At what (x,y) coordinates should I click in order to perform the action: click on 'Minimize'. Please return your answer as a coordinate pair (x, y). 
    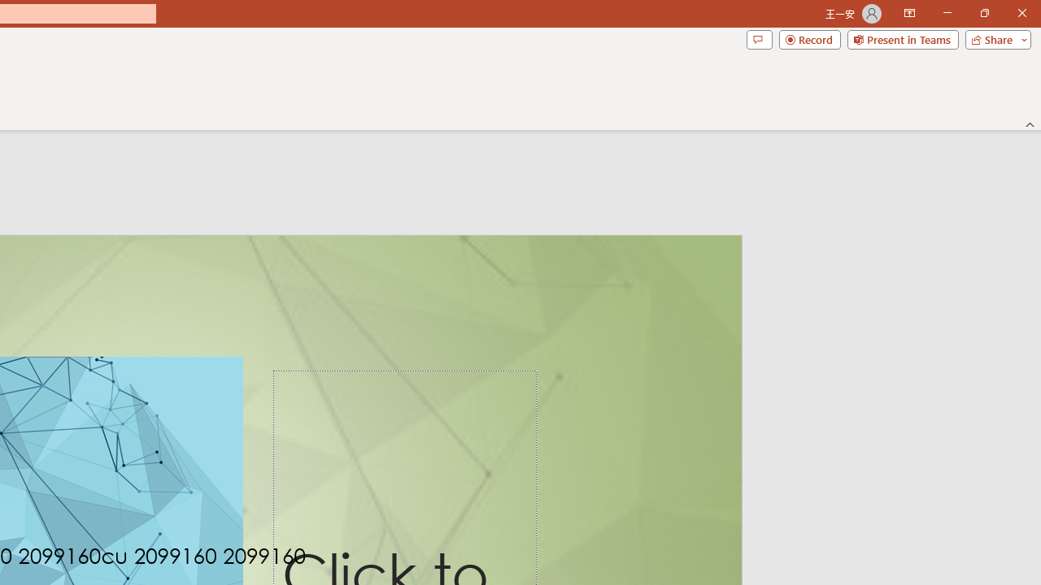
    Looking at the image, I should click on (947, 13).